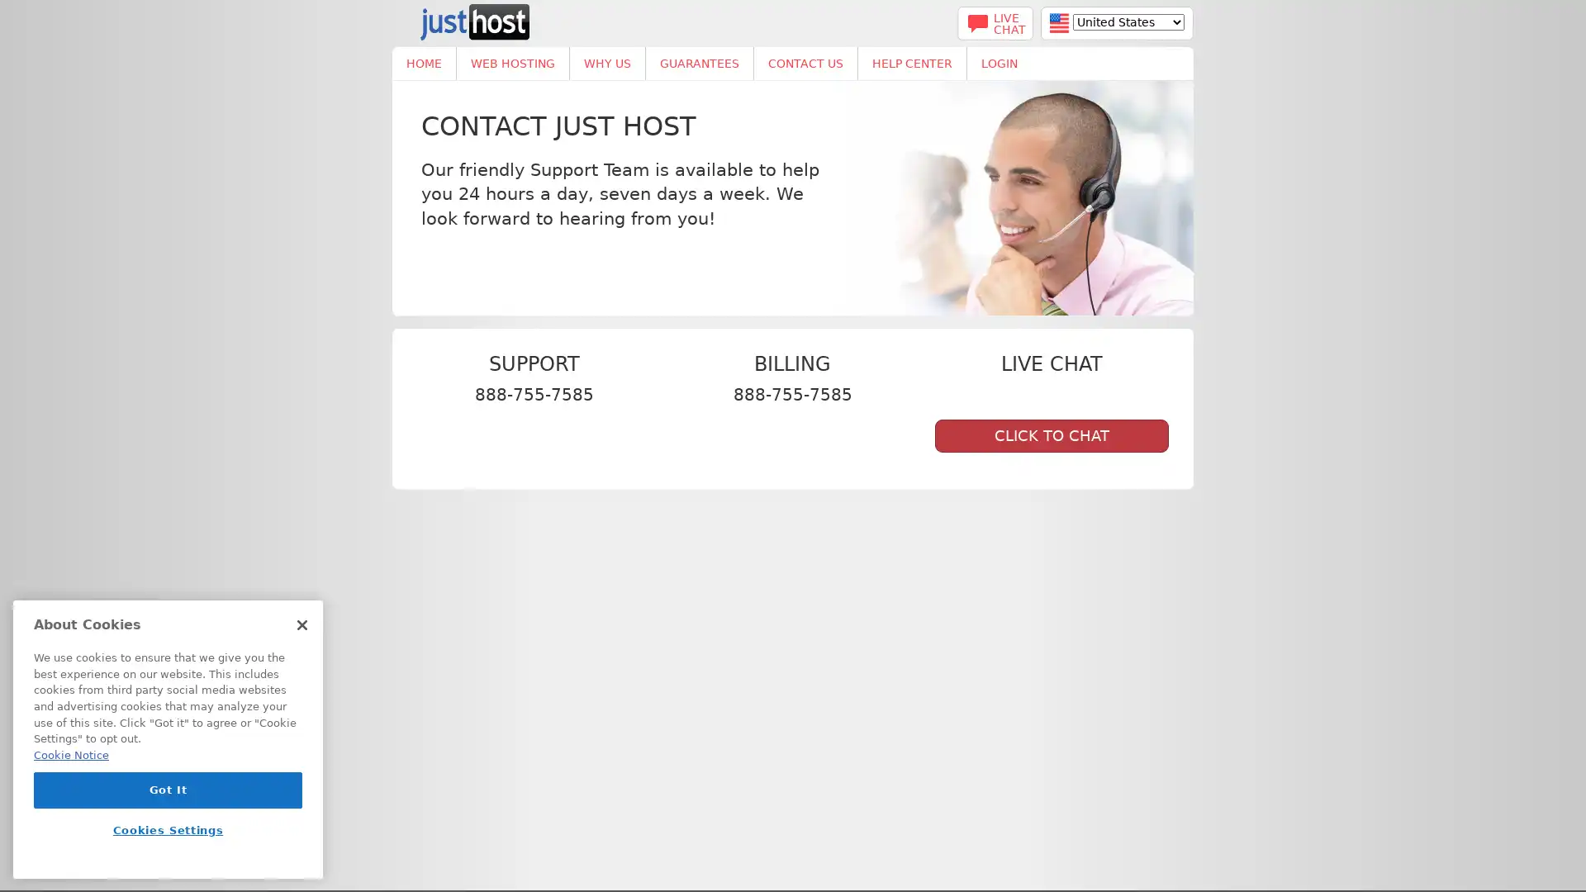 This screenshot has height=892, width=1586. What do you see at coordinates (168, 836) in the screenshot?
I see `Cookies Settings` at bounding box center [168, 836].